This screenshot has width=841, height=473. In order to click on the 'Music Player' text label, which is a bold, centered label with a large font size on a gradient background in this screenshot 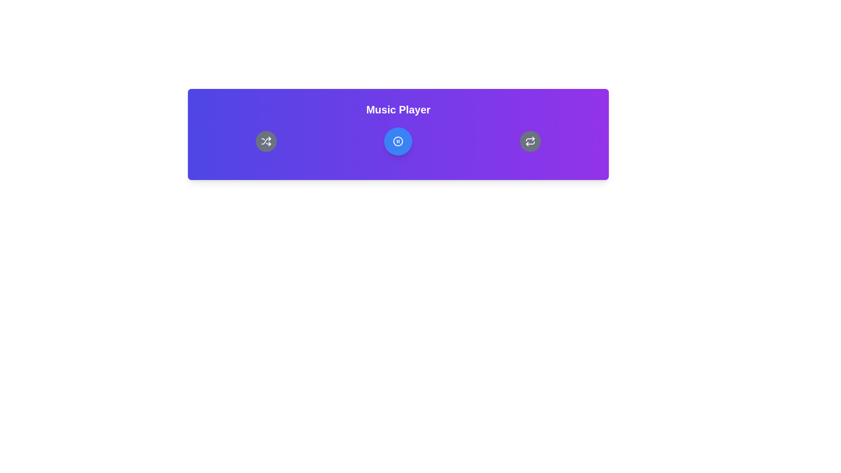, I will do `click(398, 109)`.